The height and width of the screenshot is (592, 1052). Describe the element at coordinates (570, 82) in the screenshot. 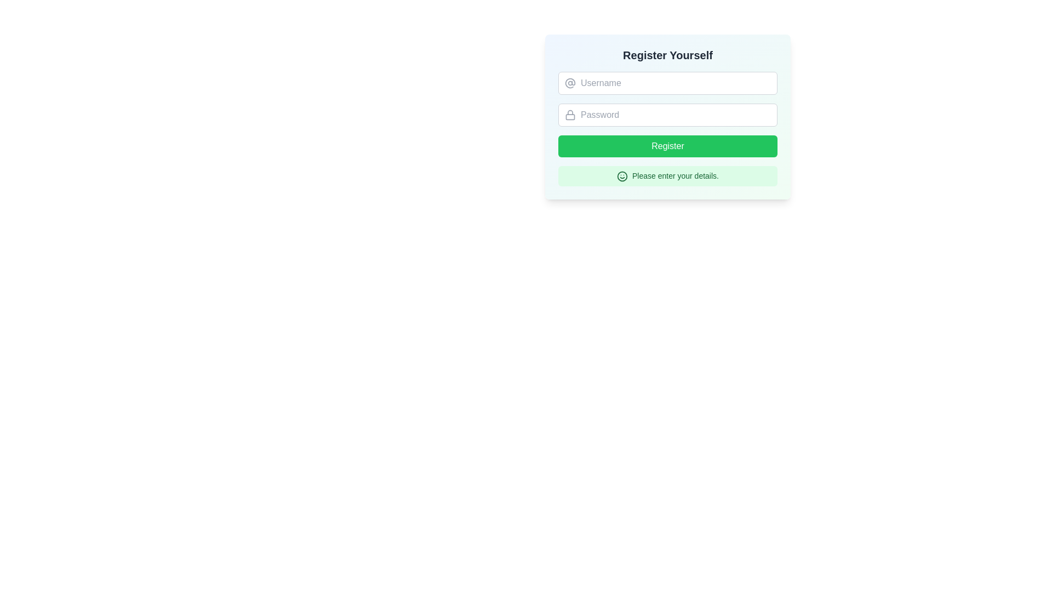

I see `the '@' sign icon located on the left side of the 'Username' input field to indicate that it is meant for entering a username or email-like identifier` at that location.